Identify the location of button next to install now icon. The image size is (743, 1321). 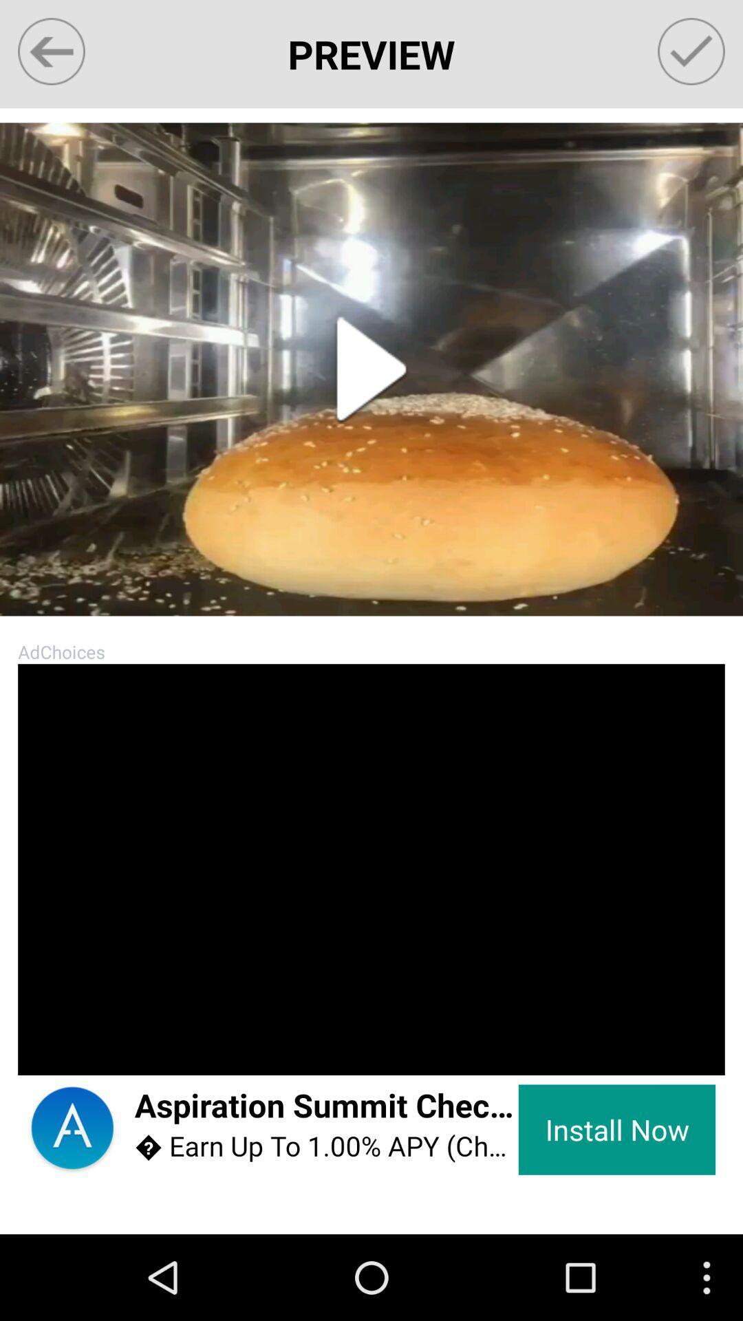
(326, 1106).